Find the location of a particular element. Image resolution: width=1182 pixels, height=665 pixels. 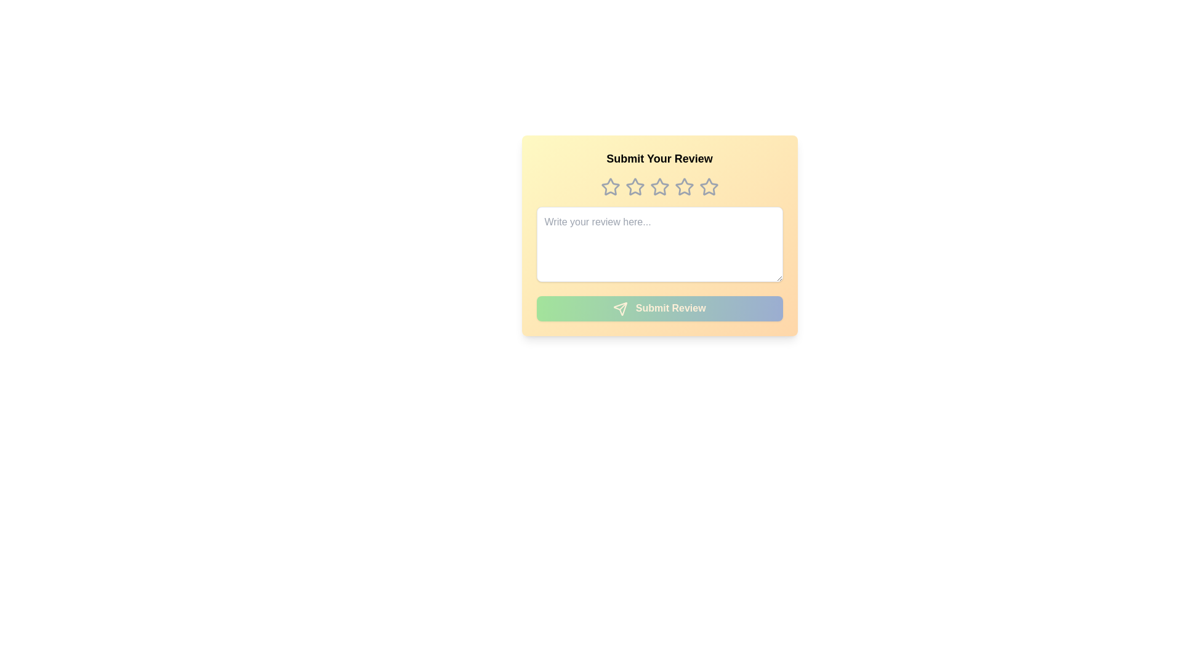

the SVG element that represents an action within the 'Submit Review' button, located near the left side of the text content is located at coordinates (623, 305).